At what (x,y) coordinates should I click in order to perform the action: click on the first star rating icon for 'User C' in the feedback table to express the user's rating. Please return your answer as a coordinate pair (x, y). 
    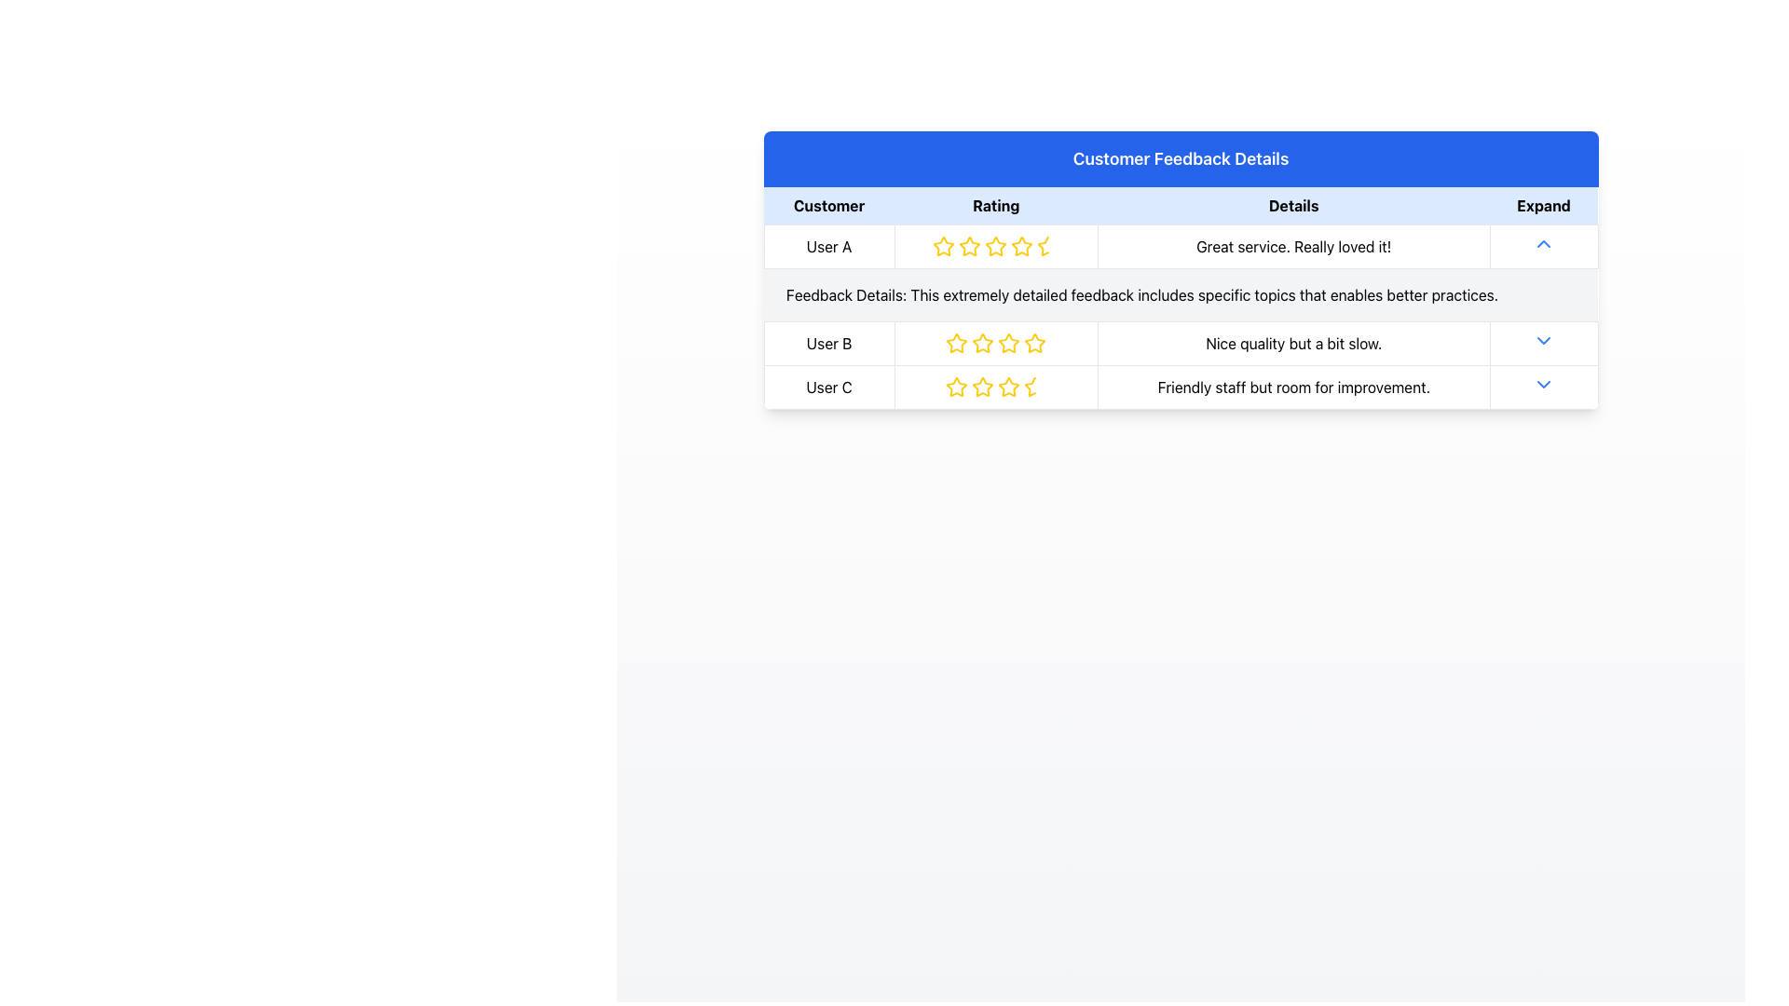
    Looking at the image, I should click on (957, 386).